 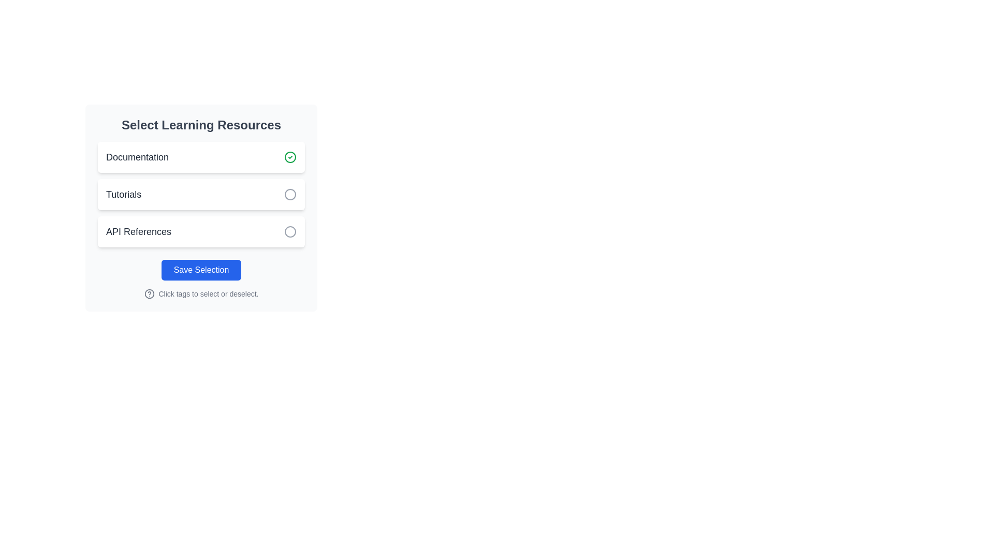 What do you see at coordinates (290, 194) in the screenshot?
I see `the empty SVG graphic circle with a radius of 10, located at the second option in the 'Select Learning Resources' list` at bounding box center [290, 194].